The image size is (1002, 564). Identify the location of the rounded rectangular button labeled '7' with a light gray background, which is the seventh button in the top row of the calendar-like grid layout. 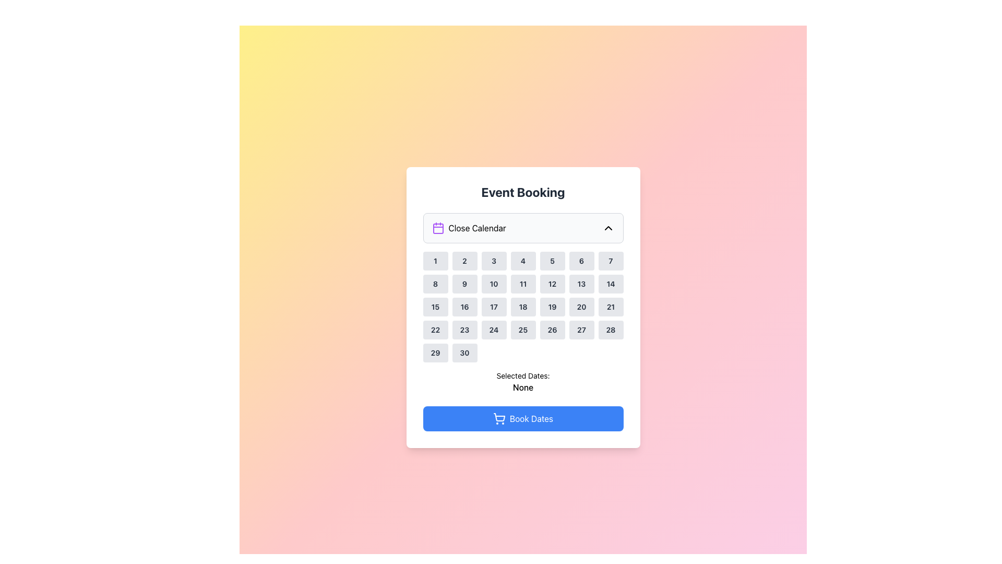
(611, 261).